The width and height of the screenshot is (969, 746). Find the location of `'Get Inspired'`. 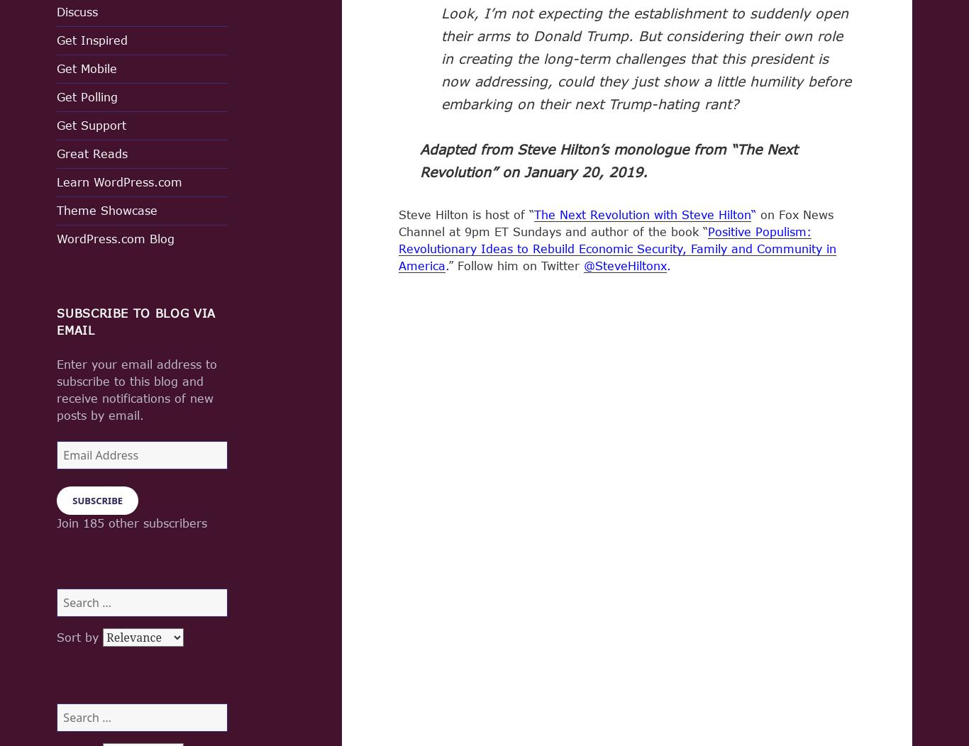

'Get Inspired' is located at coordinates (92, 39).